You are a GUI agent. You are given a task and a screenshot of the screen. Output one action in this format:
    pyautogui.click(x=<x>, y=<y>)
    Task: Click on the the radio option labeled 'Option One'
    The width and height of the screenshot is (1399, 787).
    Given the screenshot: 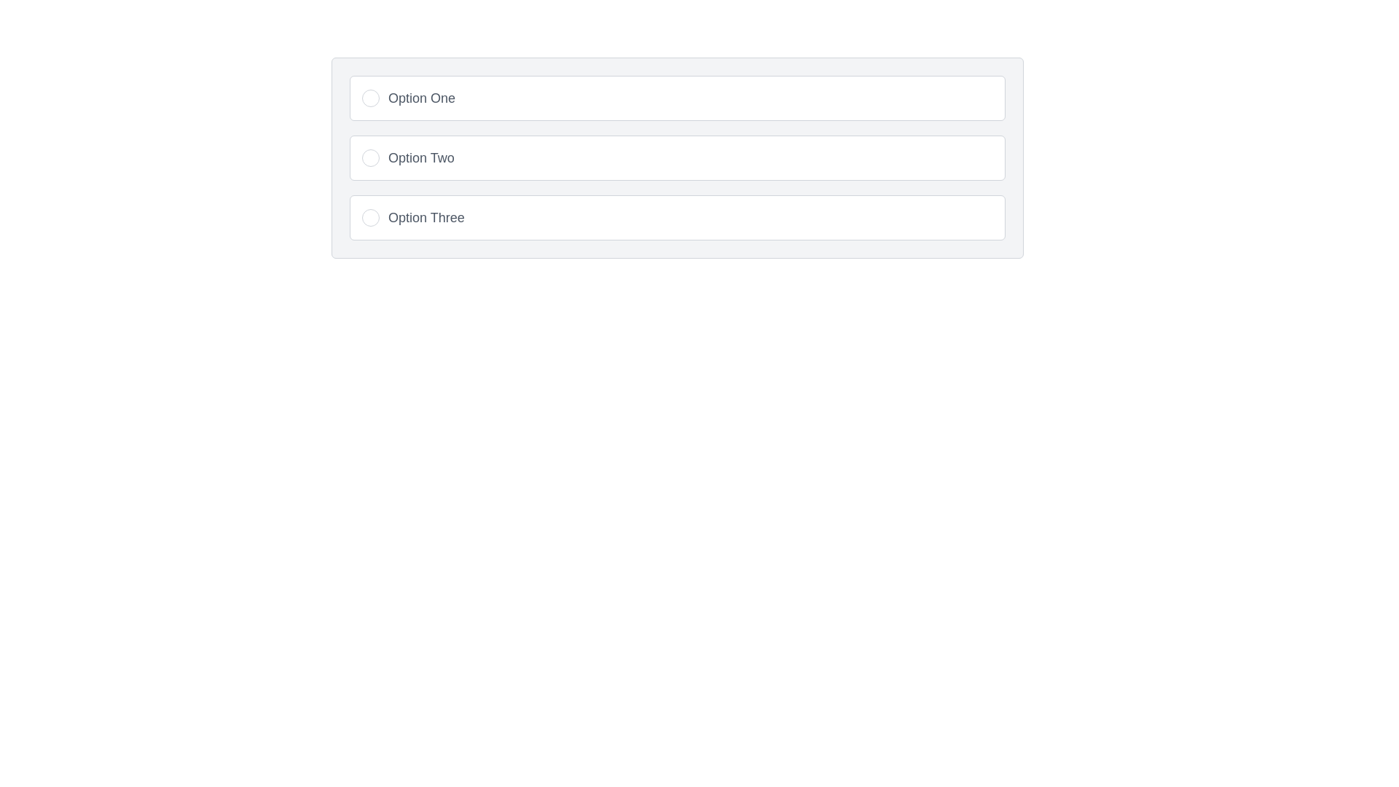 What is the action you would take?
    pyautogui.click(x=677, y=98)
    